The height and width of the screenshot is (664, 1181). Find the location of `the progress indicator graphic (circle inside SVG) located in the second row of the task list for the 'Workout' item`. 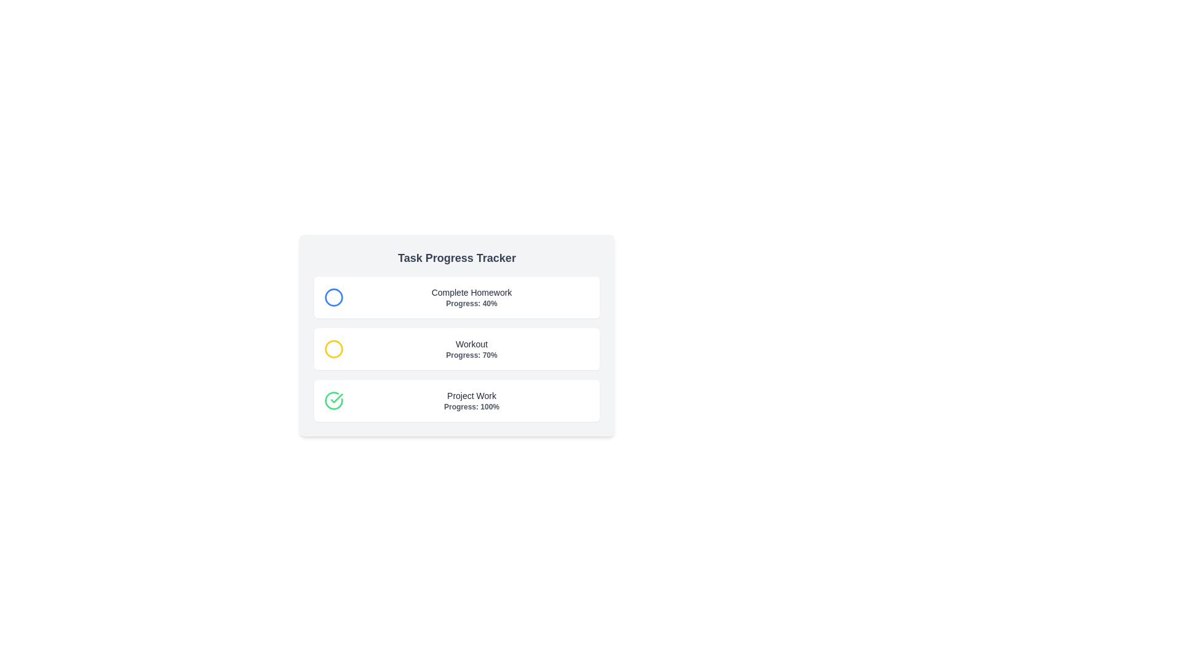

the progress indicator graphic (circle inside SVG) located in the second row of the task list for the 'Workout' item is located at coordinates (333, 349).